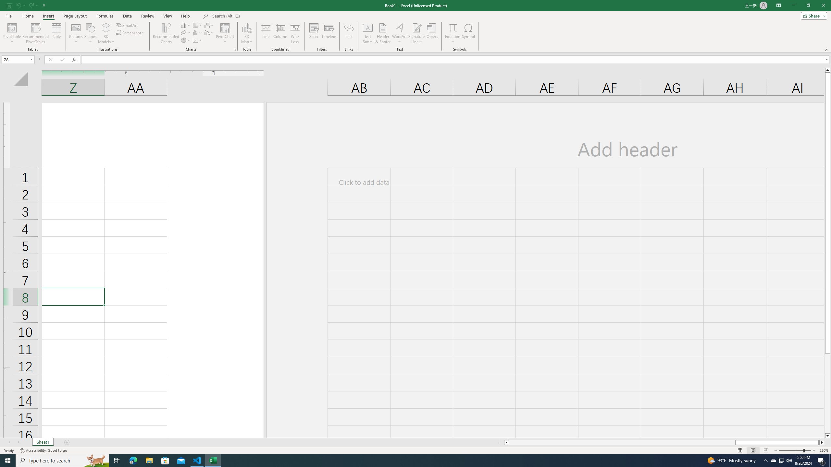 Image resolution: width=831 pixels, height=467 pixels. Describe the element at coordinates (349, 33) in the screenshot. I see `'Link'` at that location.